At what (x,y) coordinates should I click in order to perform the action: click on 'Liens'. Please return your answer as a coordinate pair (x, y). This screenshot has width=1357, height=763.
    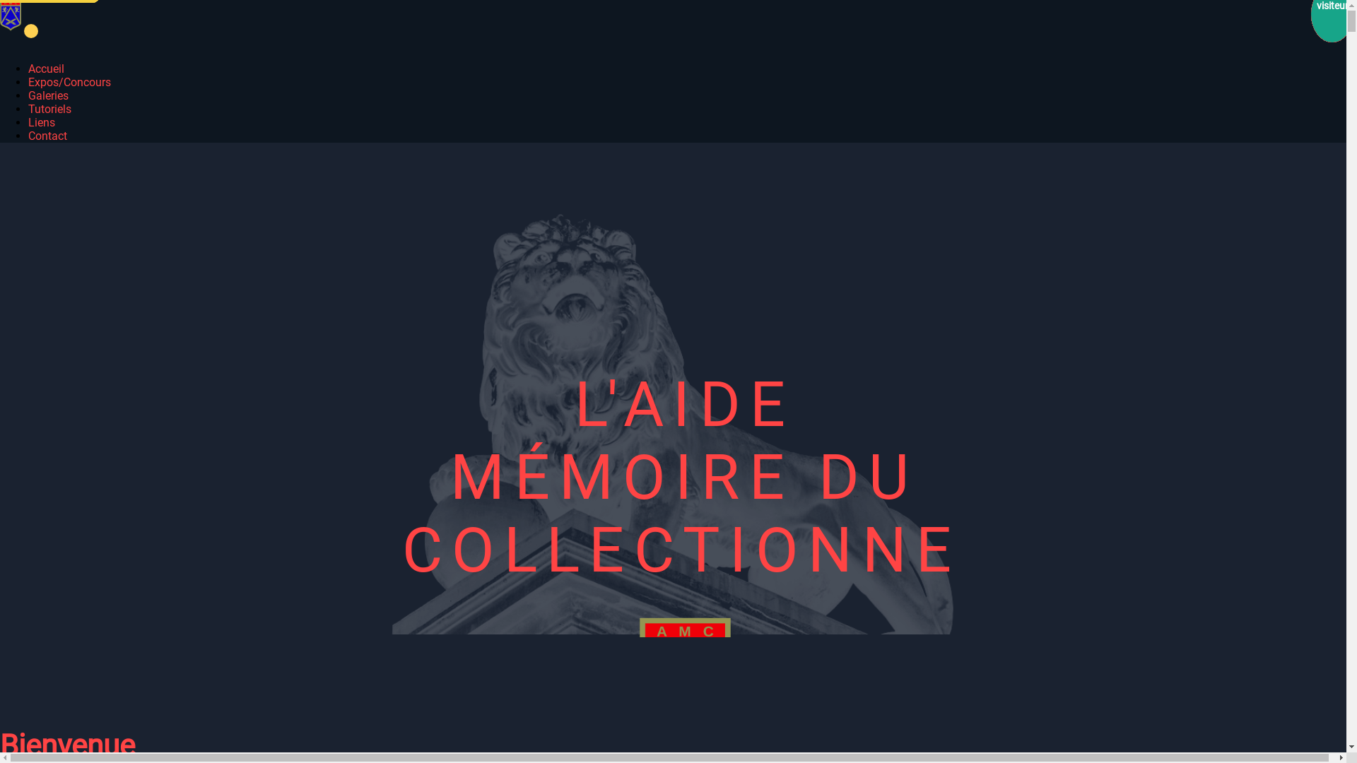
    Looking at the image, I should click on (28, 122).